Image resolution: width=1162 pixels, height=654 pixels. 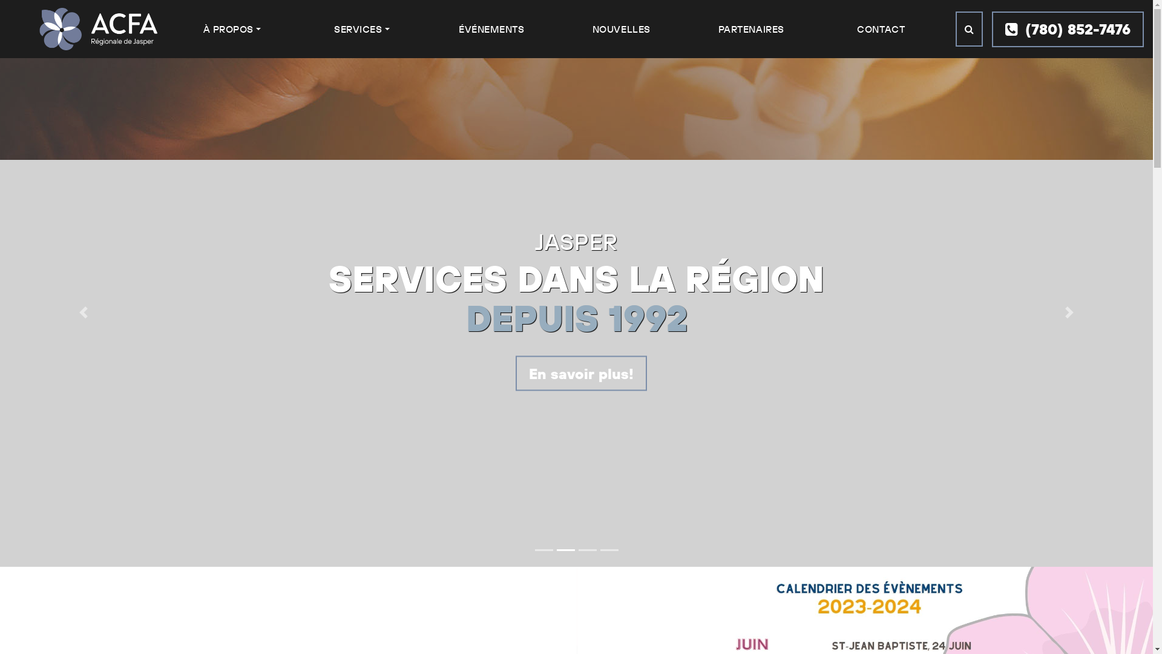 What do you see at coordinates (750, 28) in the screenshot?
I see `'PARTENAIRES'` at bounding box center [750, 28].